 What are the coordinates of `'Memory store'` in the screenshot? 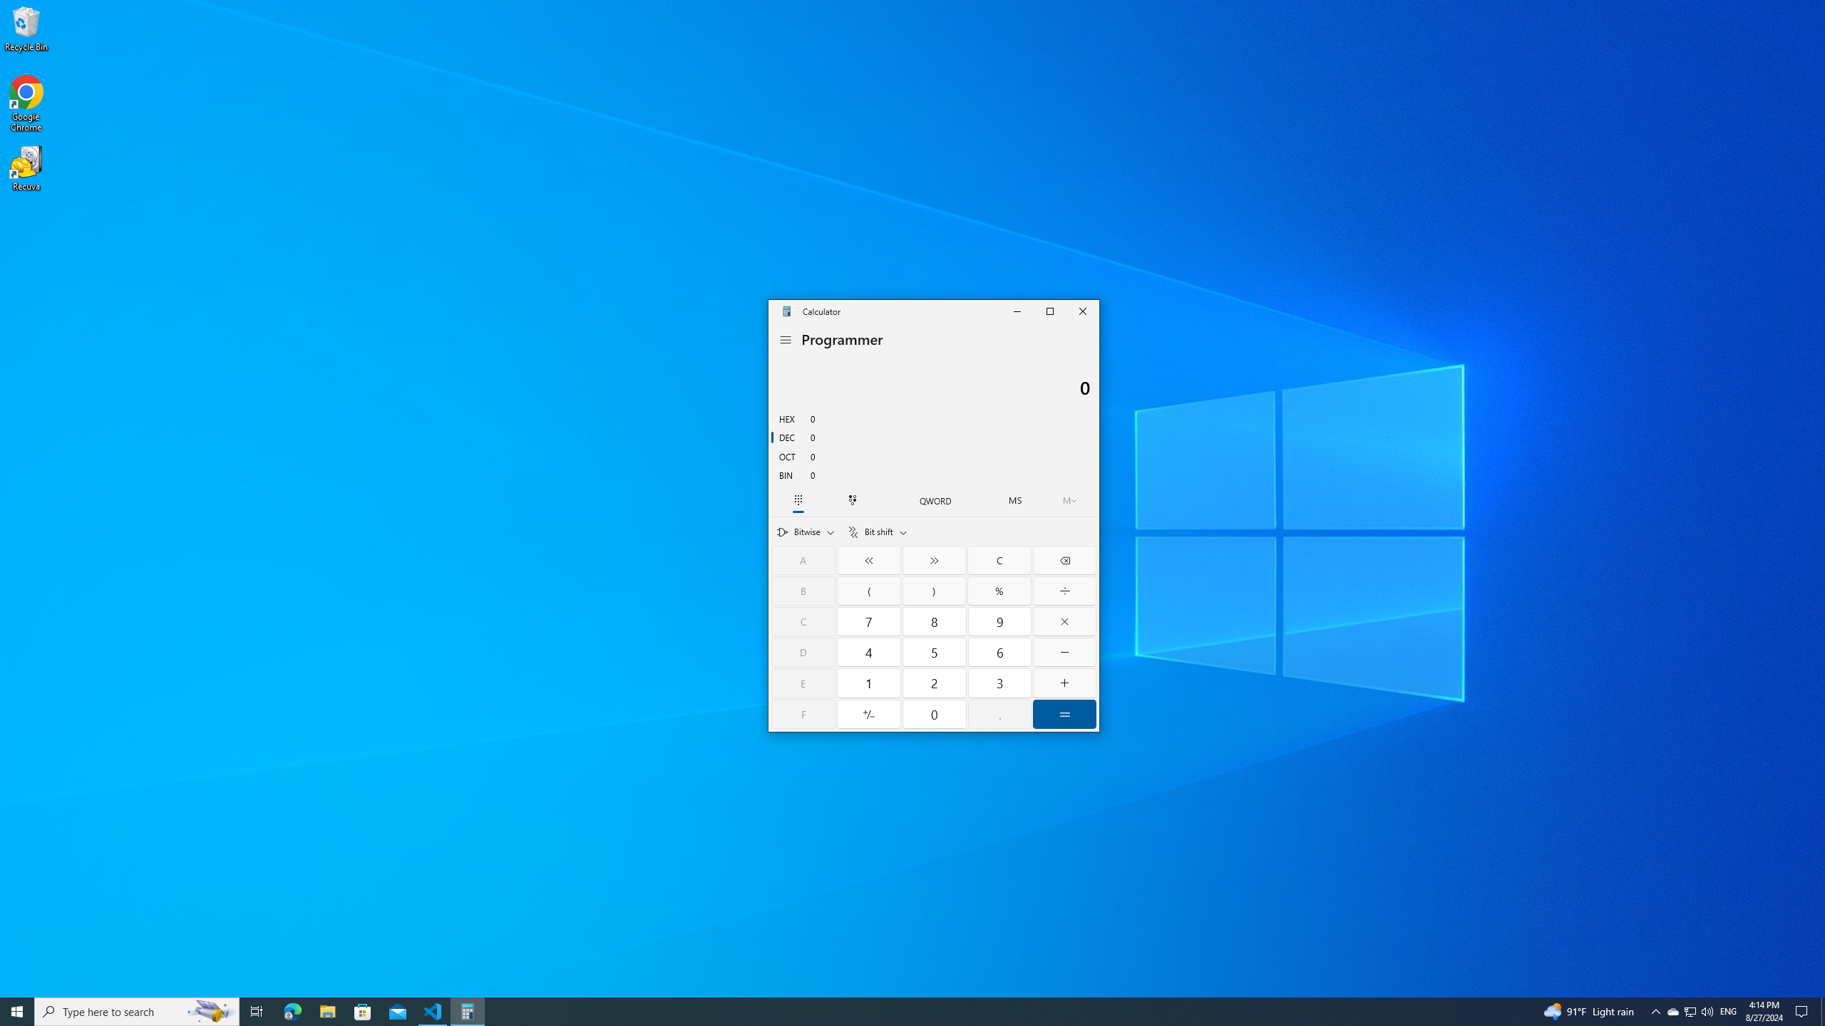 It's located at (1014, 499).